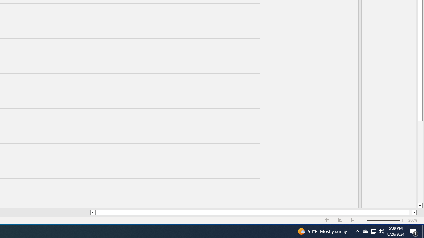 This screenshot has width=424, height=238. I want to click on 'Page right', so click(410, 212).